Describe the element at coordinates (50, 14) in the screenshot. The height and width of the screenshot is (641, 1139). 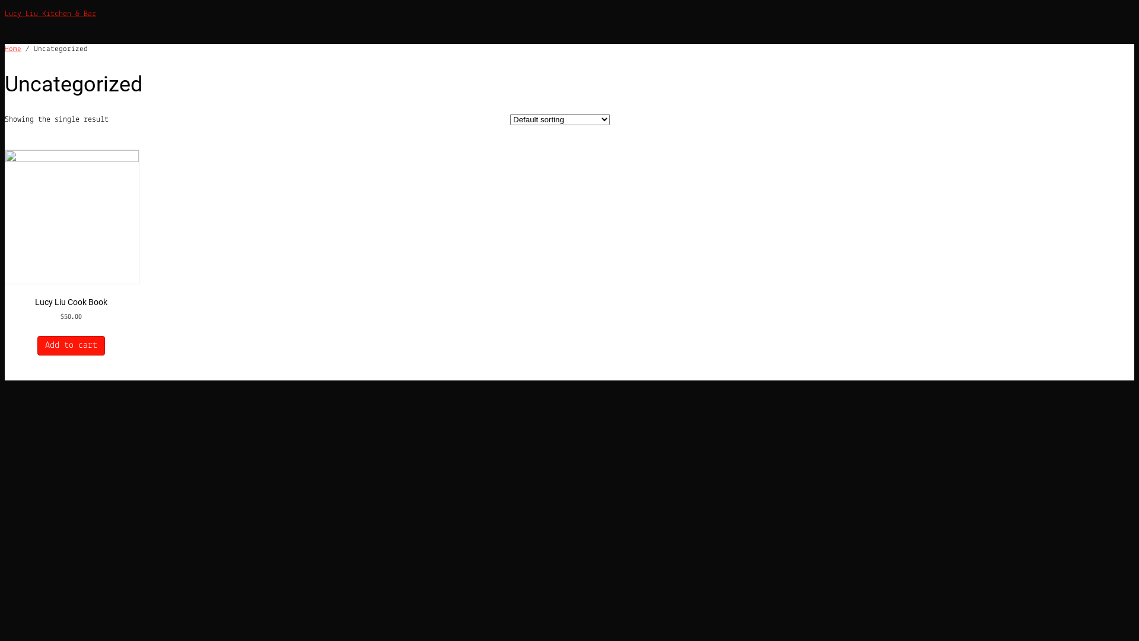
I see `'Lucy Liu Kitchen & Bar'` at that location.